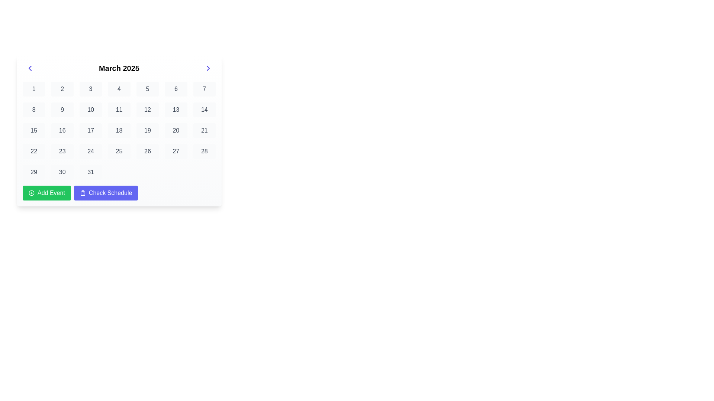 The height and width of the screenshot is (401, 714). Describe the element at coordinates (204, 88) in the screenshot. I see `the text-based UI element representing the number '7' in the March 2025 calendar grid, located at the center of the bounding box` at that location.